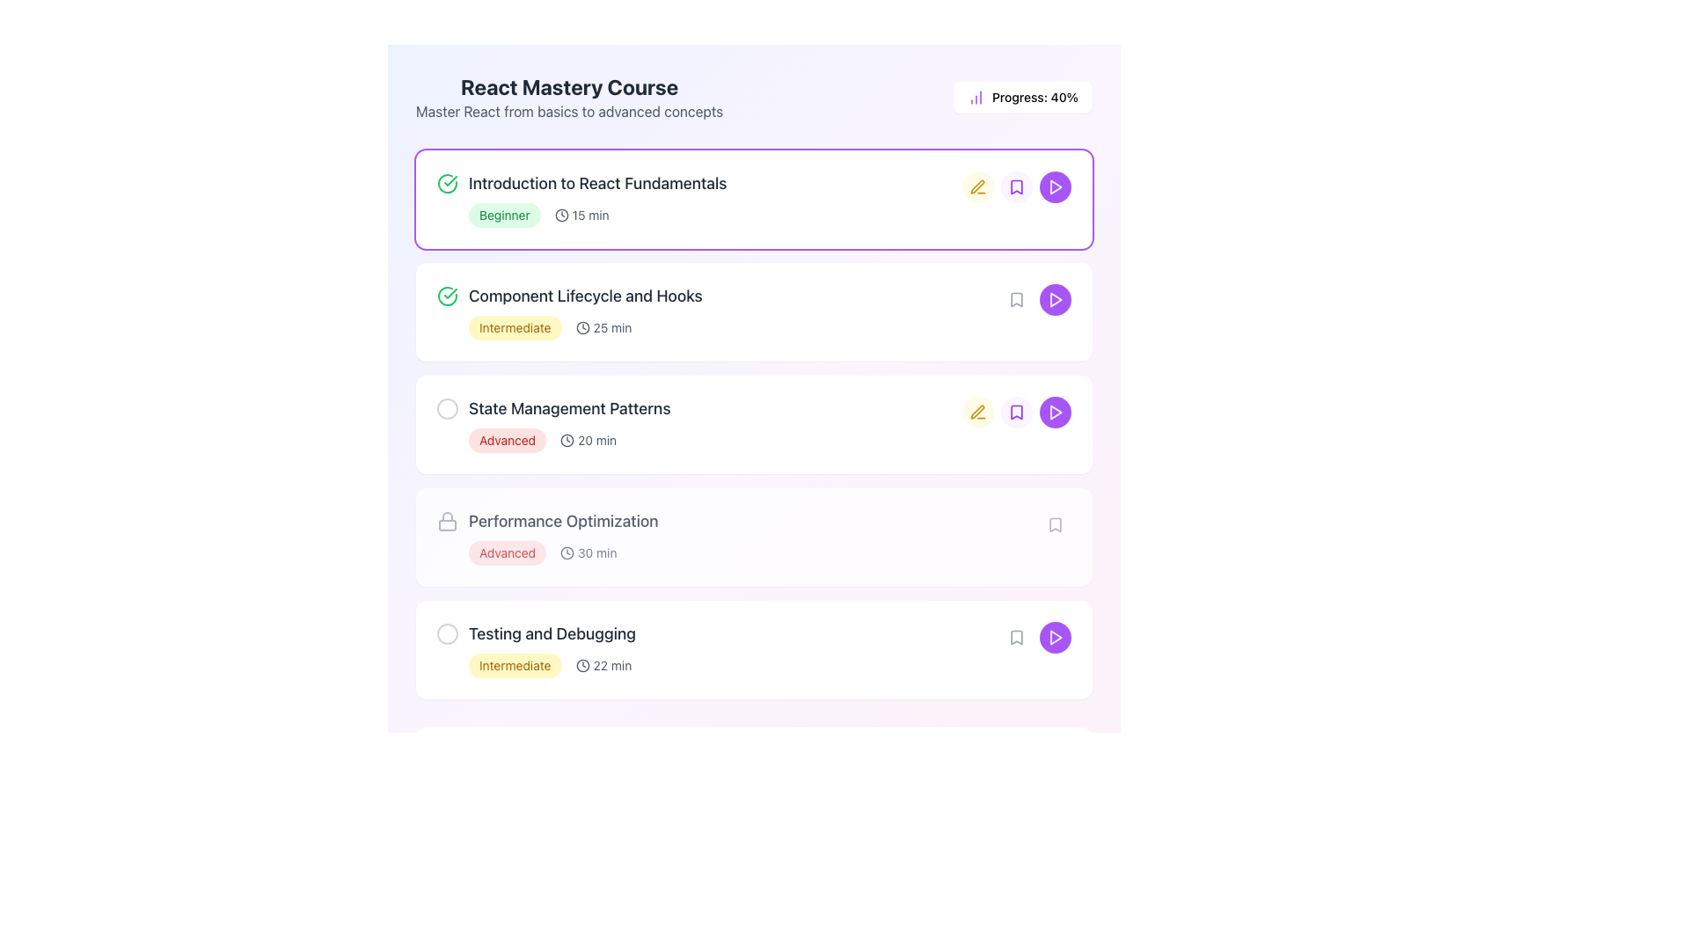 The image size is (1689, 950). What do you see at coordinates (447, 295) in the screenshot?
I see `the circular green icon with a checkmark that indicates completion, located to the left of the text 'Component Lifecycle and Hooks'` at bounding box center [447, 295].